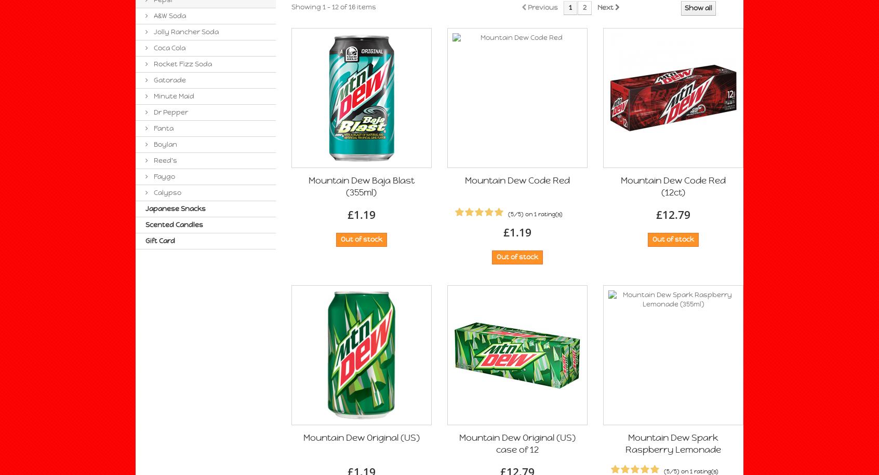  Describe the element at coordinates (159, 241) in the screenshot. I see `'Gift Card'` at that location.